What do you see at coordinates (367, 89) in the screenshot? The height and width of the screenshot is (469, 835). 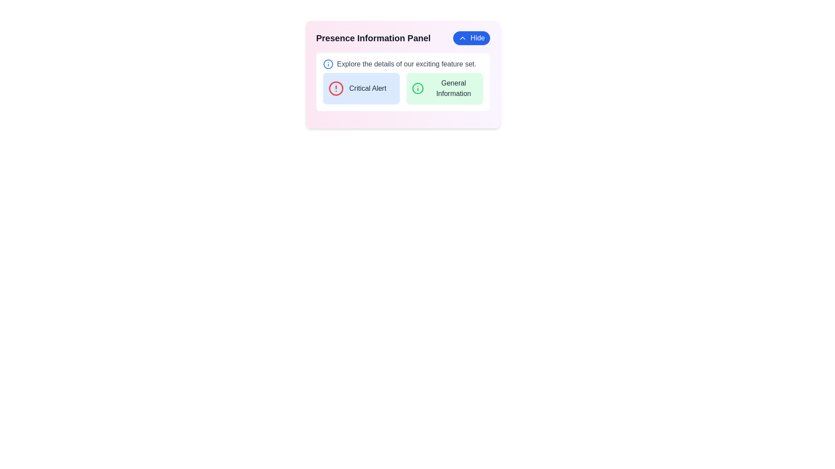 I see `the static text label that reads 'Critical Alert' with a dark gray font on a light blue background, located within a rounded rectangle in a notice panel` at bounding box center [367, 89].